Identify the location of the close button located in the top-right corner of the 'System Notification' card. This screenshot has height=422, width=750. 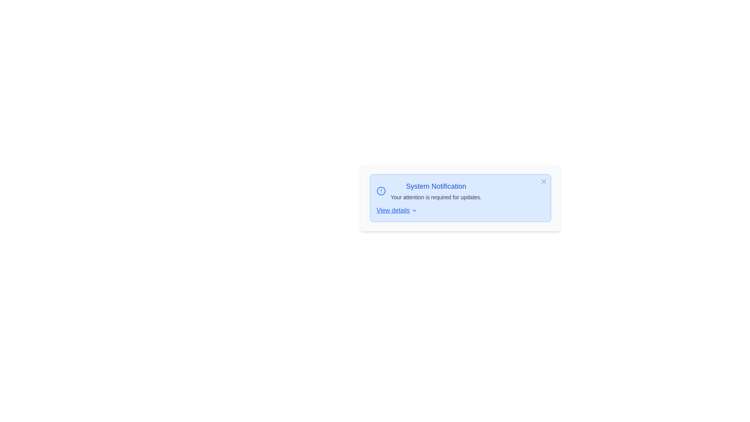
(543, 182).